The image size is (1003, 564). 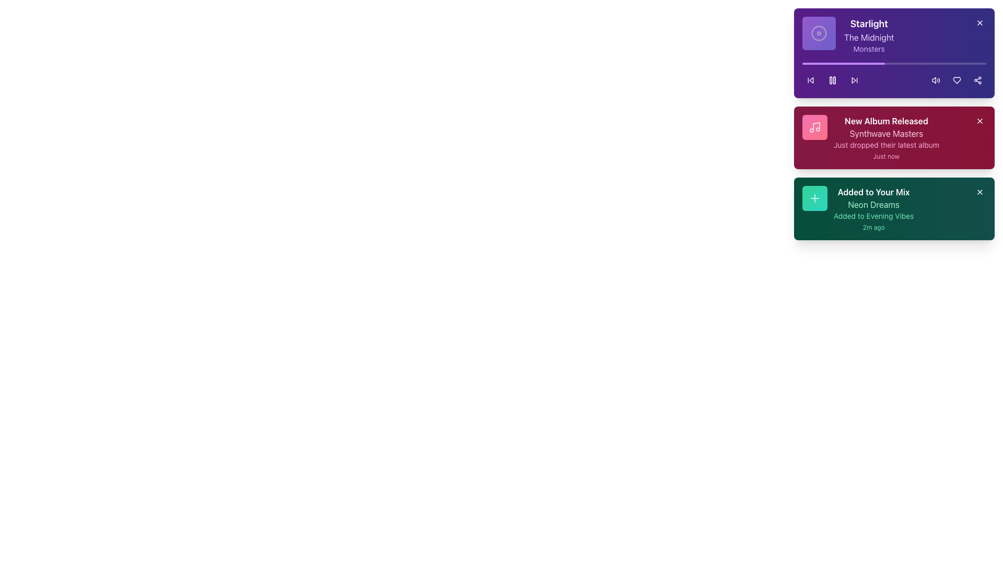 What do you see at coordinates (814, 126) in the screenshot?
I see `the music note icon on the second card labeled 'New Album Released' in the vertical notification list on the right side of the interface for potential navigational or interactive actions` at bounding box center [814, 126].